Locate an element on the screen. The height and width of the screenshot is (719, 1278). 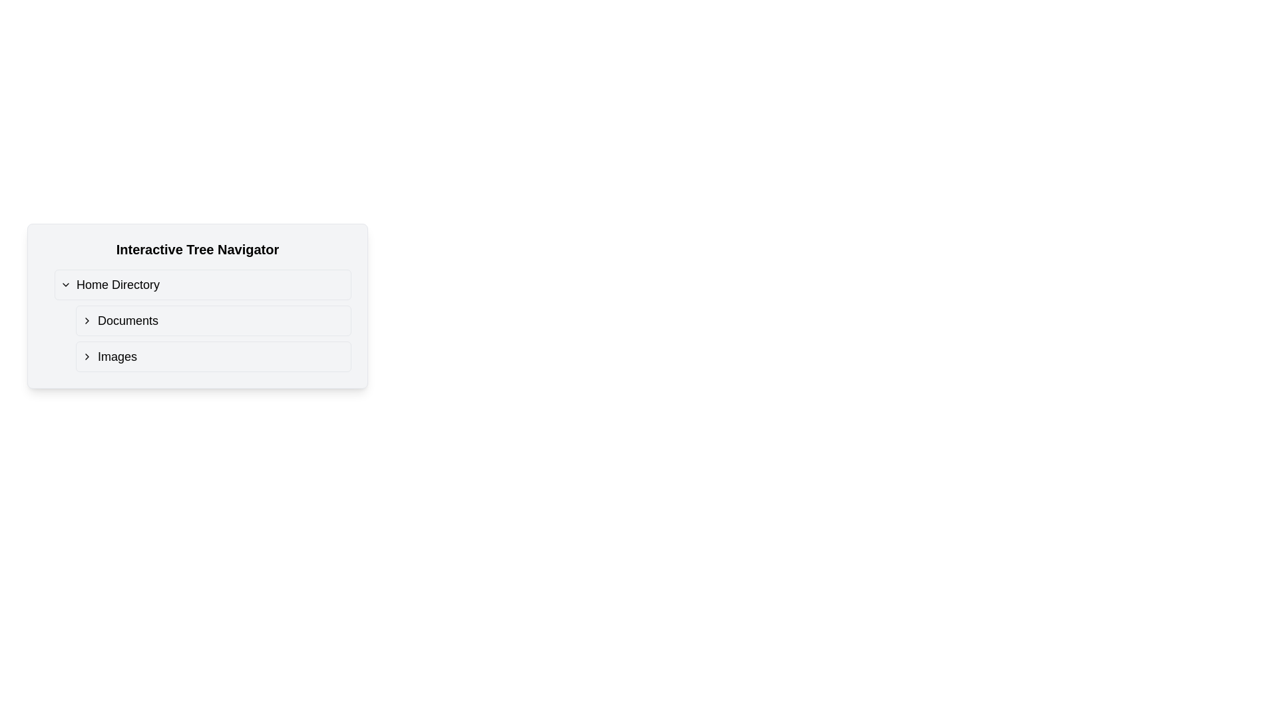
the downward-pointing chevron icon is located at coordinates (65, 284).